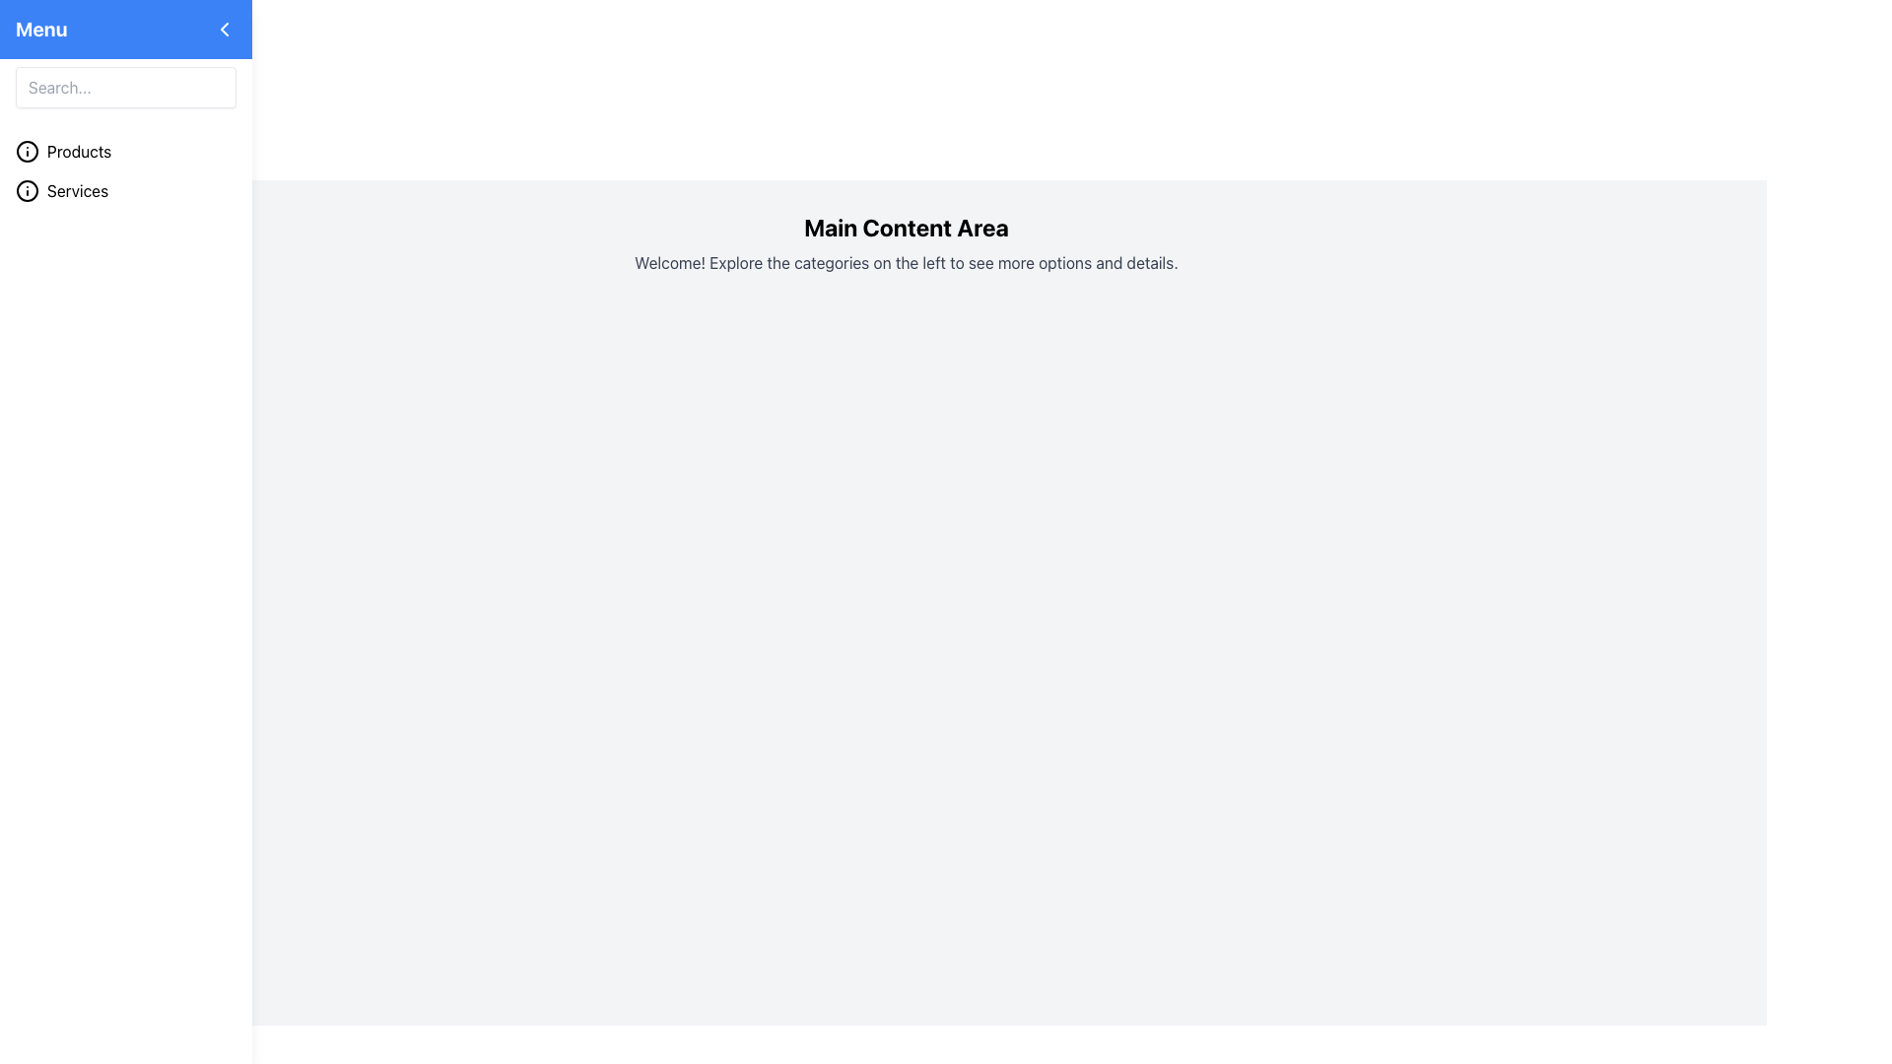 The image size is (1892, 1064). Describe the element at coordinates (906, 227) in the screenshot. I see `the prominent text element displaying 'Main Content Area'` at that location.